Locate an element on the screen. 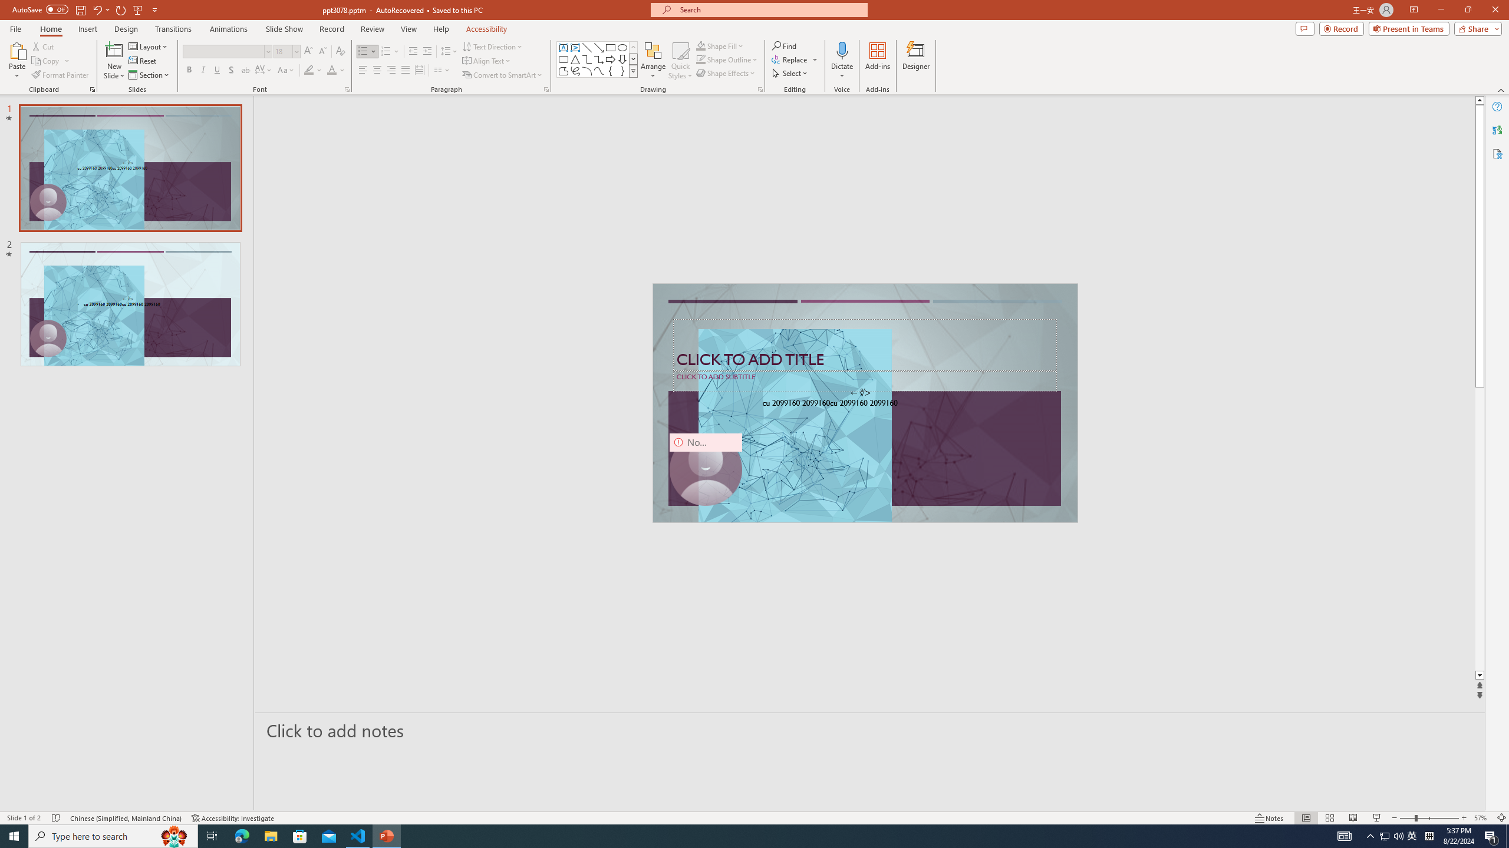 This screenshot has height=848, width=1509. 'Clear Formatting' is located at coordinates (340, 51).